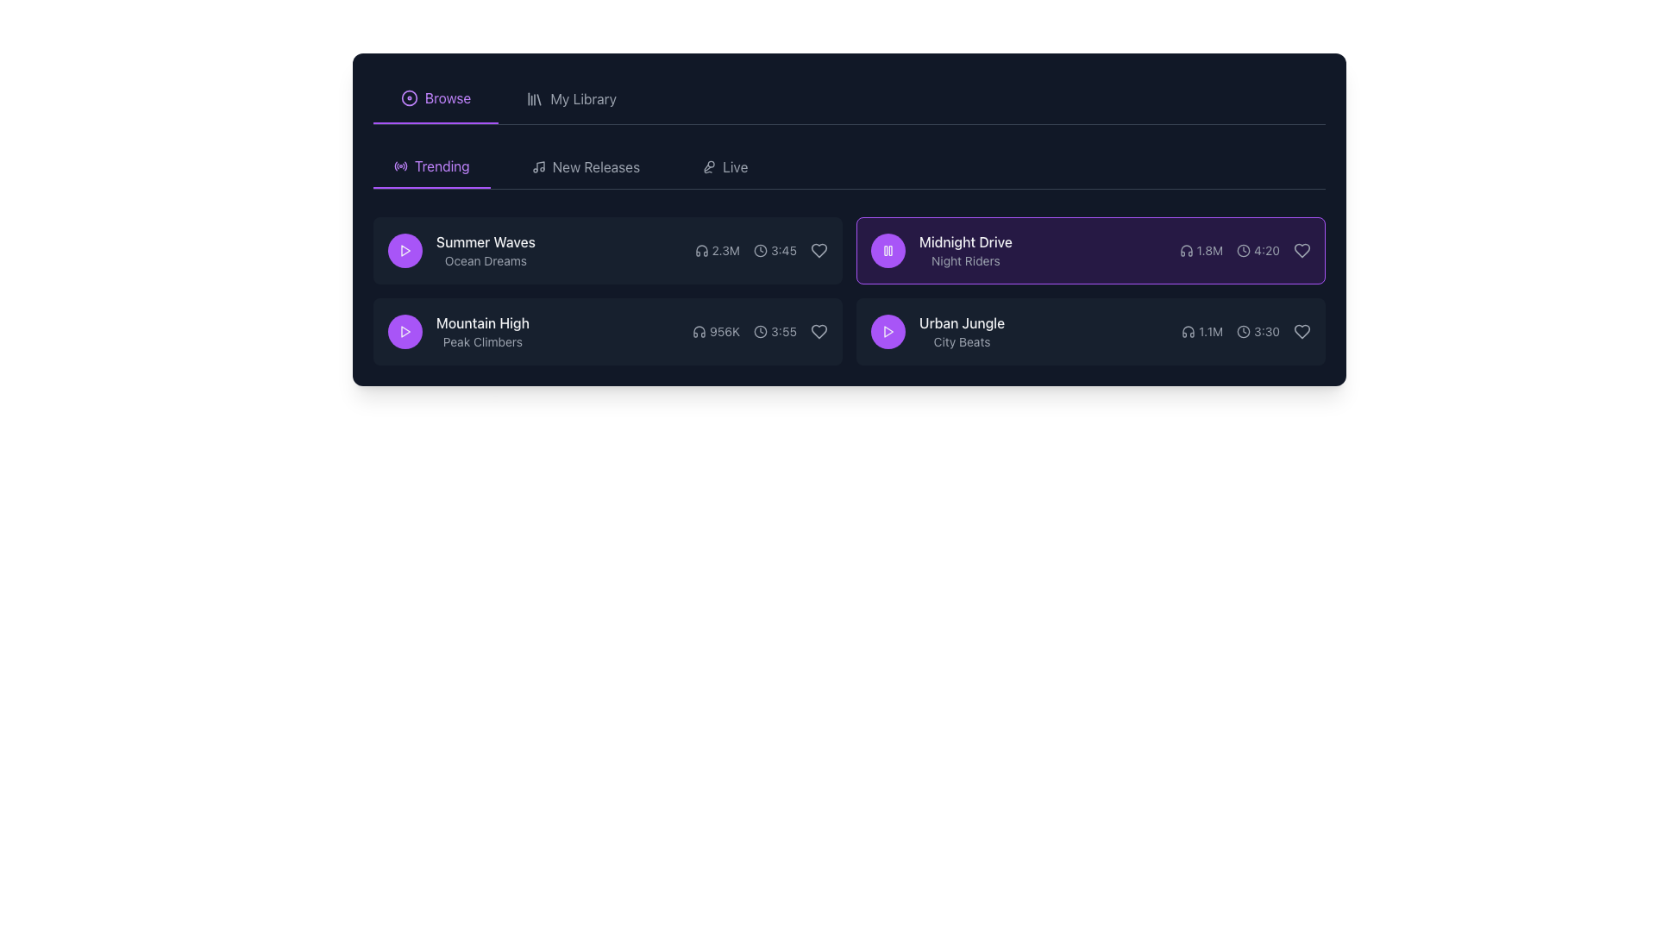  I want to click on the pause button icon in the top-right corner of the 'Midnight Drive' song entry, so click(888, 250).